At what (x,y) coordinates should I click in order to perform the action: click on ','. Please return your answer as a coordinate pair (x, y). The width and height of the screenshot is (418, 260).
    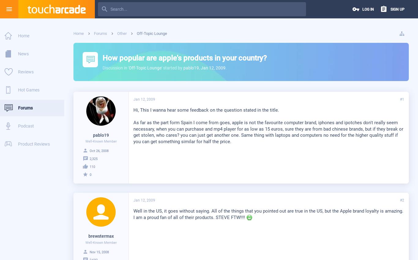
    Looking at the image, I should click on (199, 68).